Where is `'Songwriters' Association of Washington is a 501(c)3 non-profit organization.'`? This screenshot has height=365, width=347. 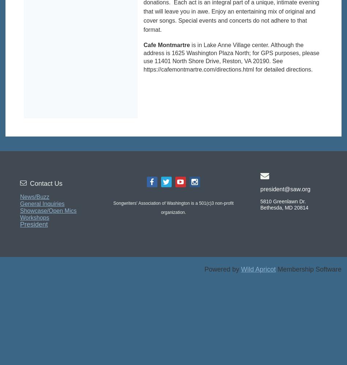
'Songwriters' Association of Washington is a 501(c)3 non-profit organization.' is located at coordinates (113, 207).